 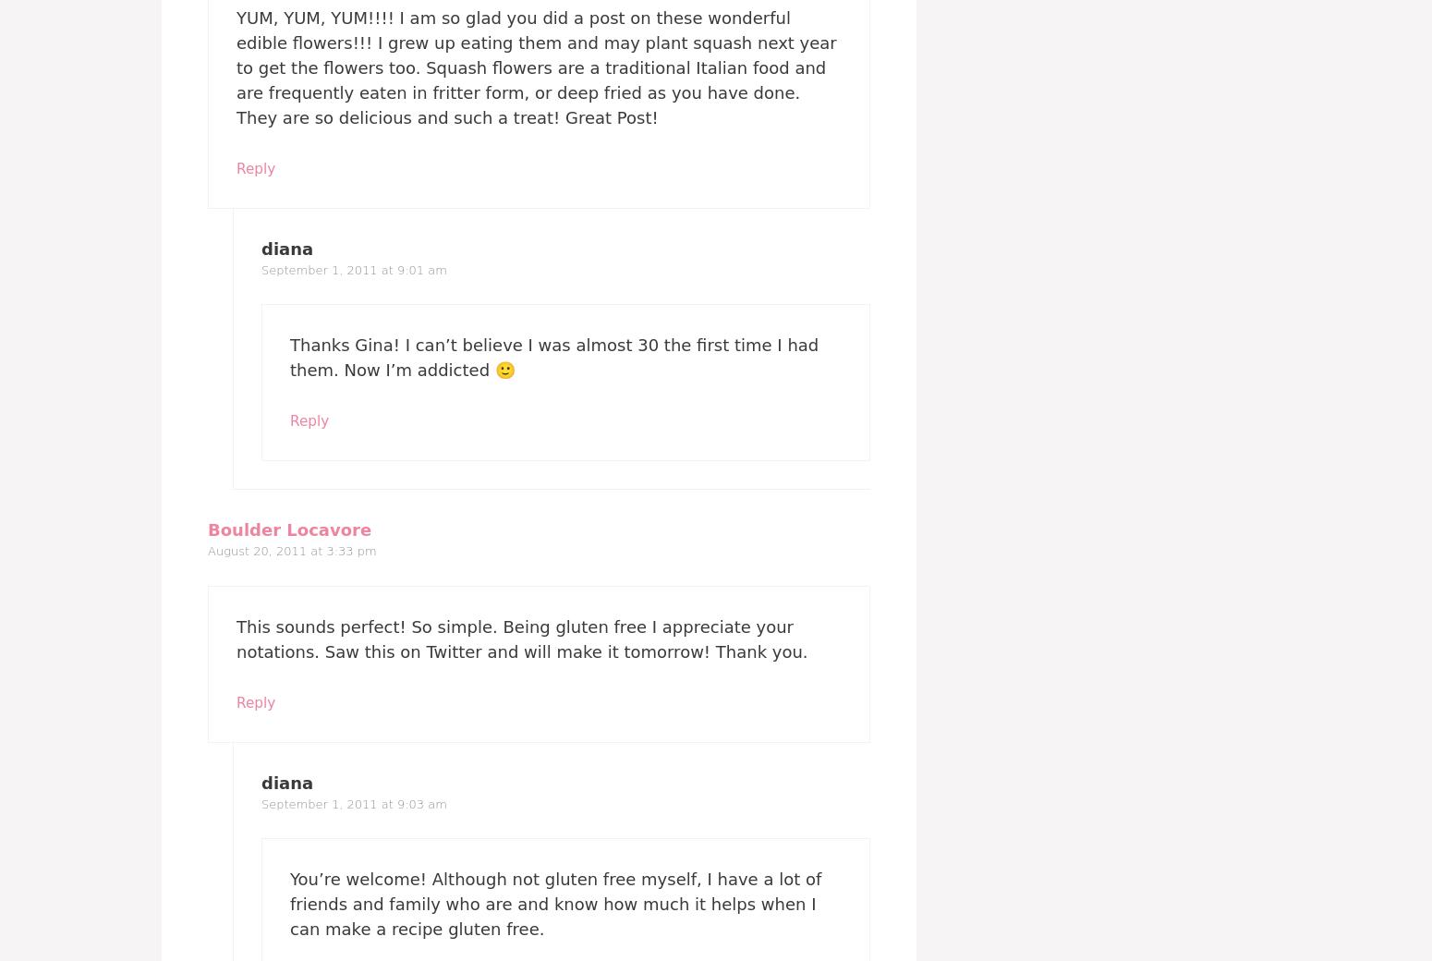 What do you see at coordinates (353, 268) in the screenshot?
I see `'September 1, 2011 at 9:01 am'` at bounding box center [353, 268].